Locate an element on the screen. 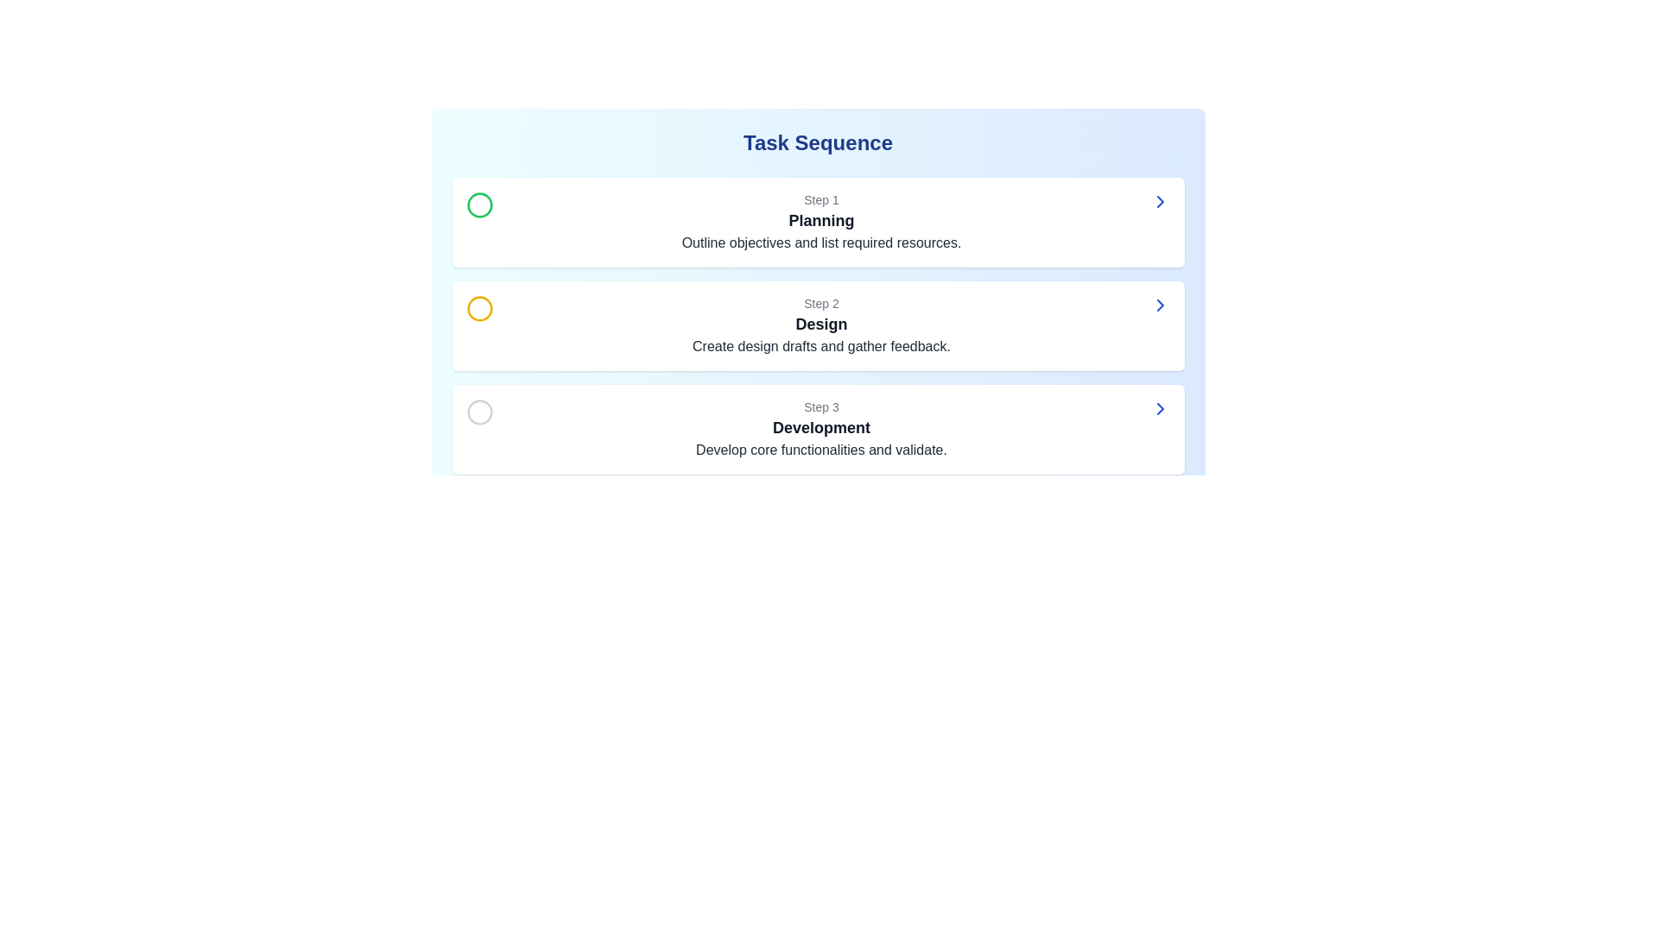  the status indicated by the green circular icon located to the left of the 'Planning' section text in the task sequence list, visually aligned with 'Step 1 Planning' is located at coordinates (479, 205).